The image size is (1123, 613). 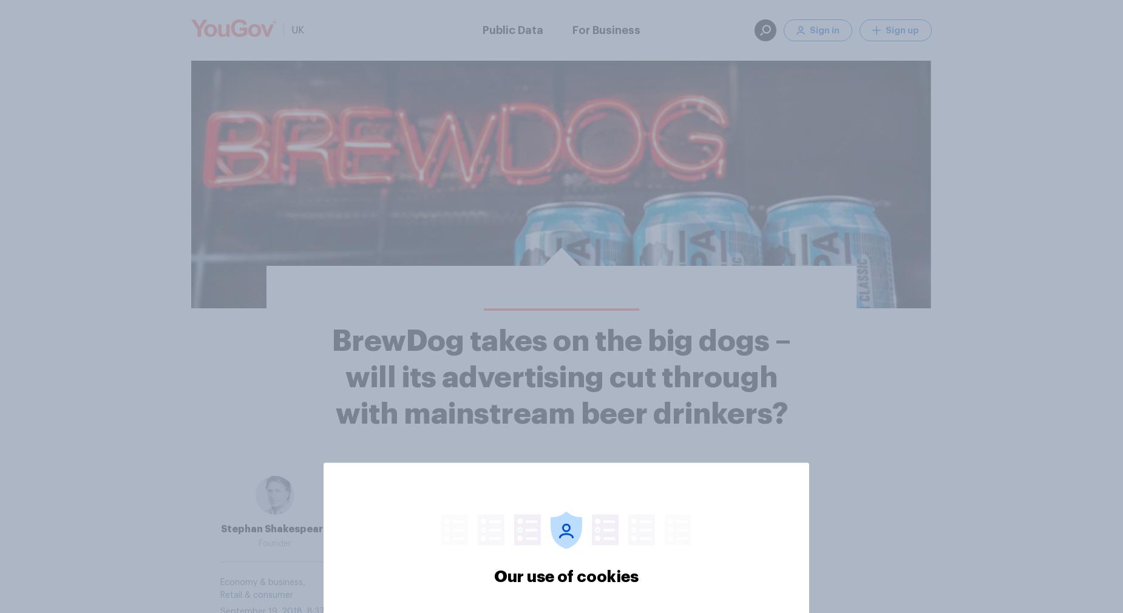 I want to click on 'Public Data', so click(x=513, y=29).